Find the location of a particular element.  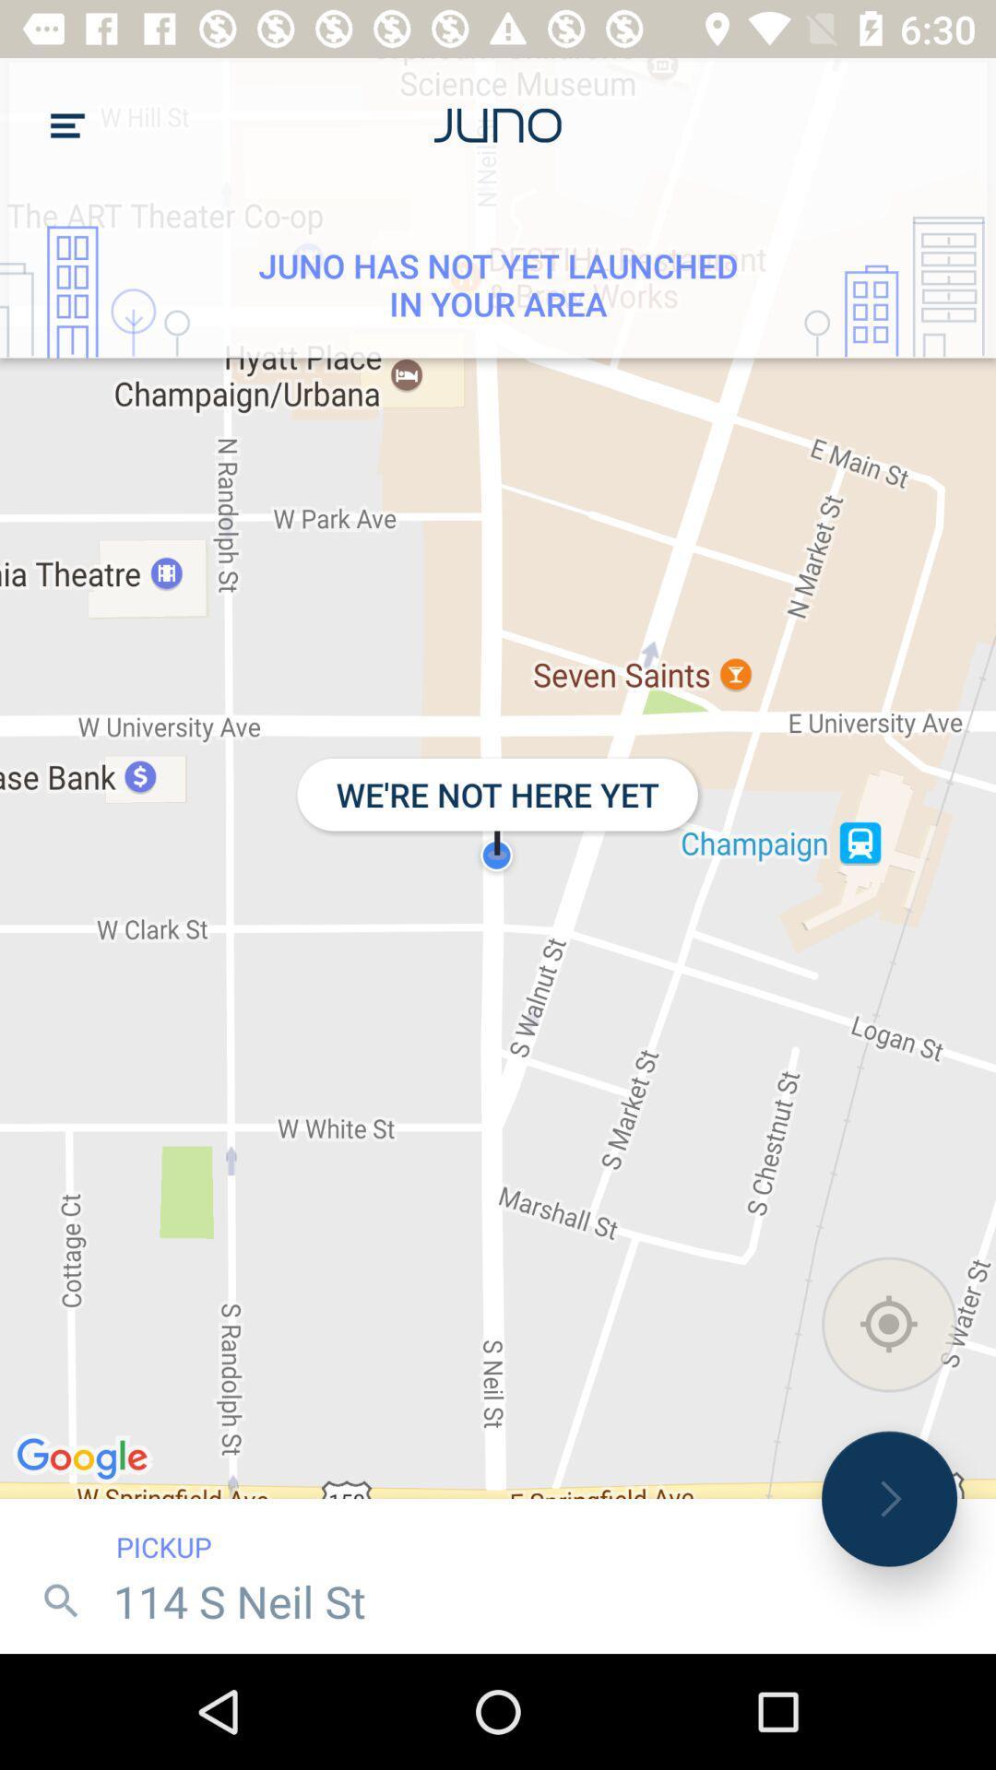

icon to the right of the pickup is located at coordinates (888, 1499).